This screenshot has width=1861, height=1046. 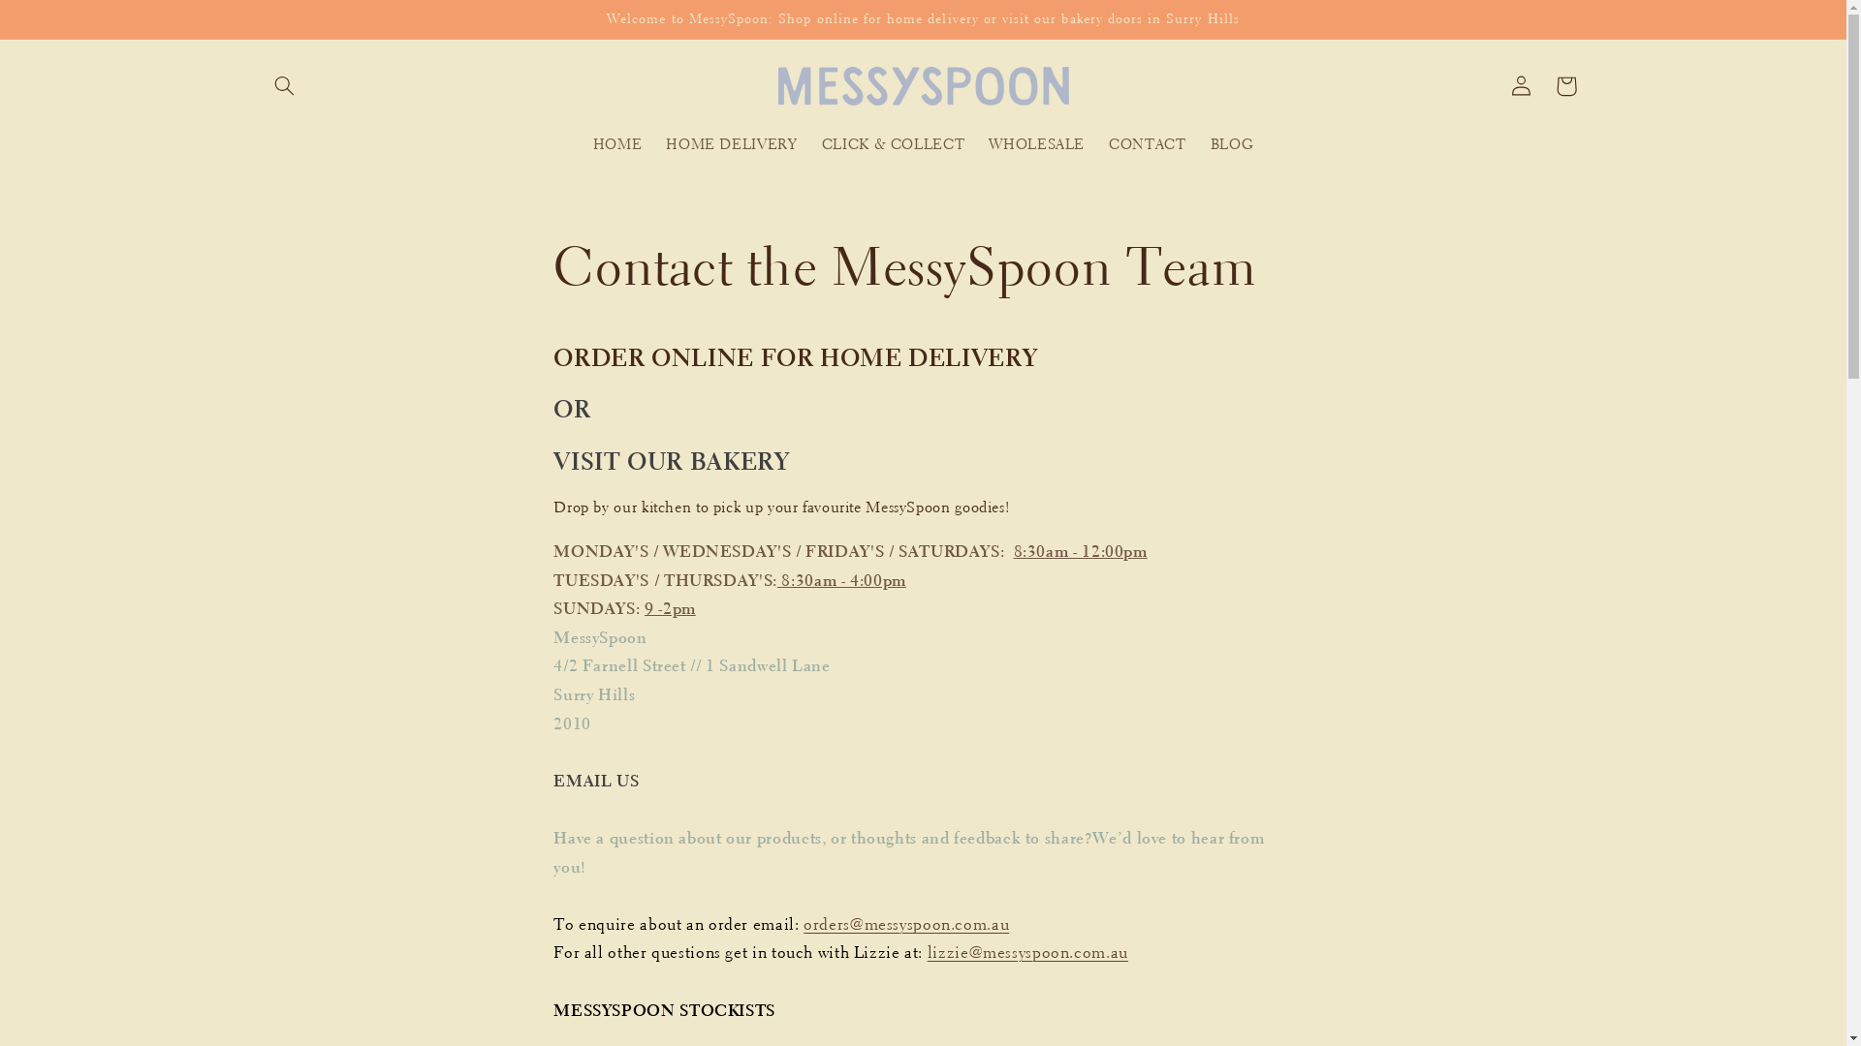 I want to click on 'CONTACT', so click(x=1097, y=144).